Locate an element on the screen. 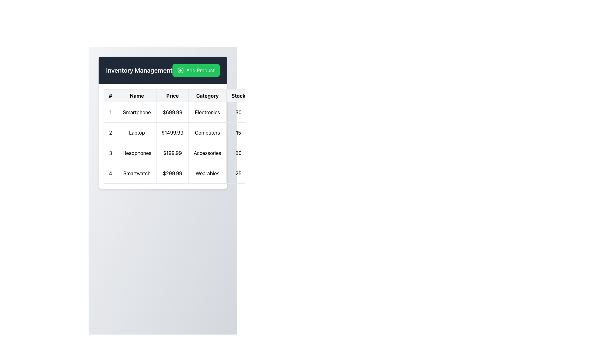  the display-only text component showing the name of the product in the first row of the data table under the 'Name' column, positioned between '1' and '$699.99' is located at coordinates (136, 112).